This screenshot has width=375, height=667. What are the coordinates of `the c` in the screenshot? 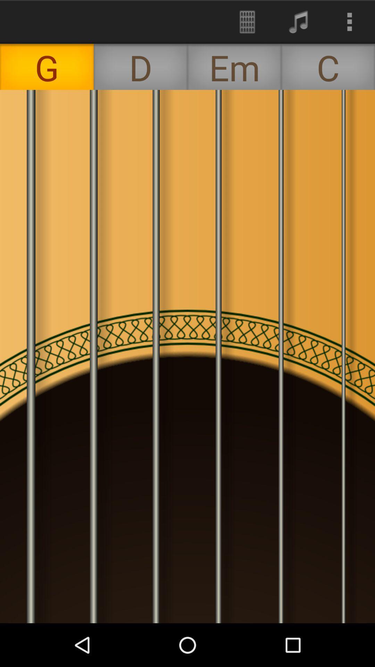 It's located at (328, 67).